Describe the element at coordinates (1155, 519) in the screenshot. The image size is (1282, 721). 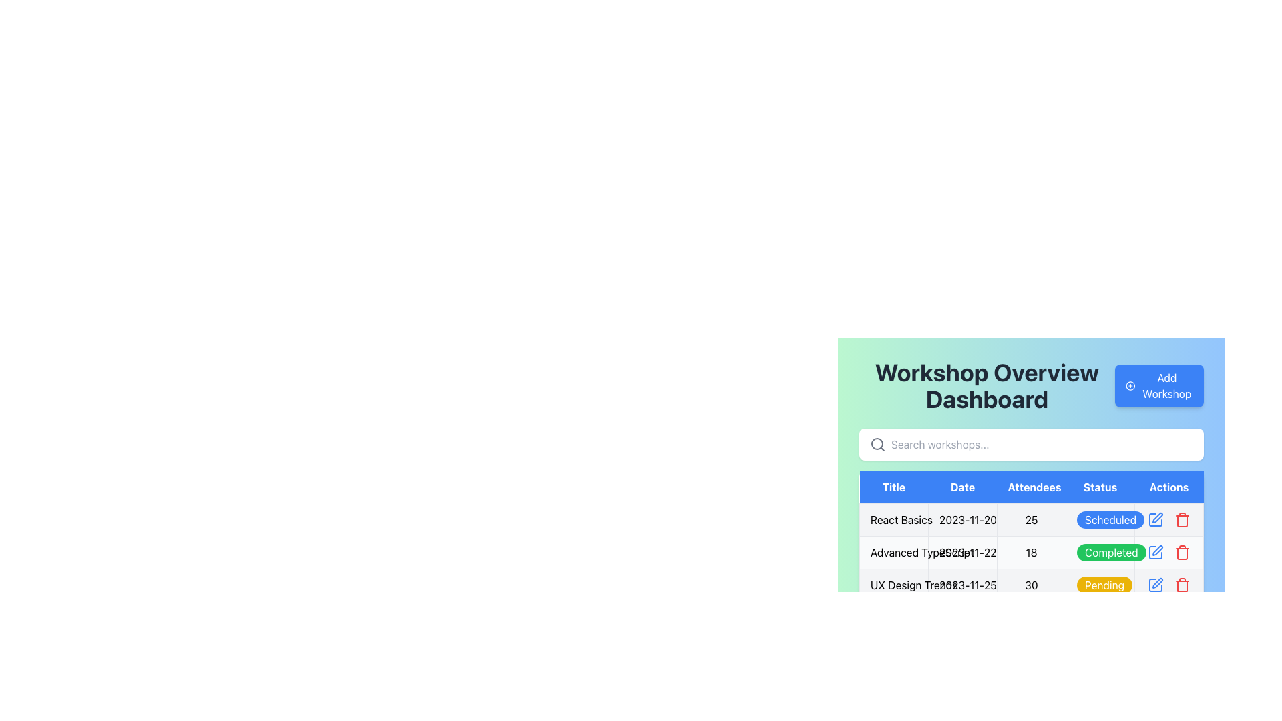
I see `the blue pencil icon button located at the rightmost side of the data table row in the 'Actions' column to change its color` at that location.